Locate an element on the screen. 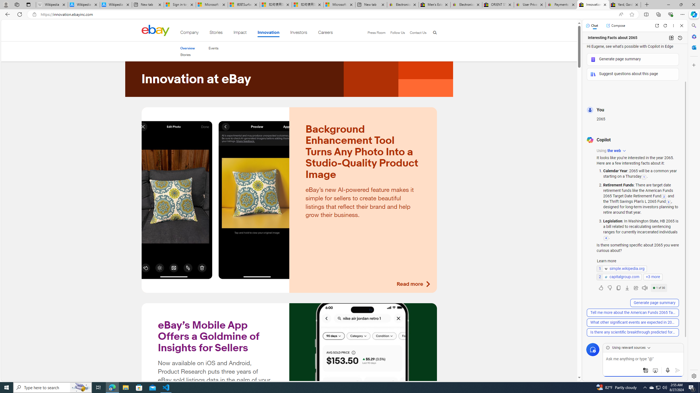  'Company' is located at coordinates (189, 33).